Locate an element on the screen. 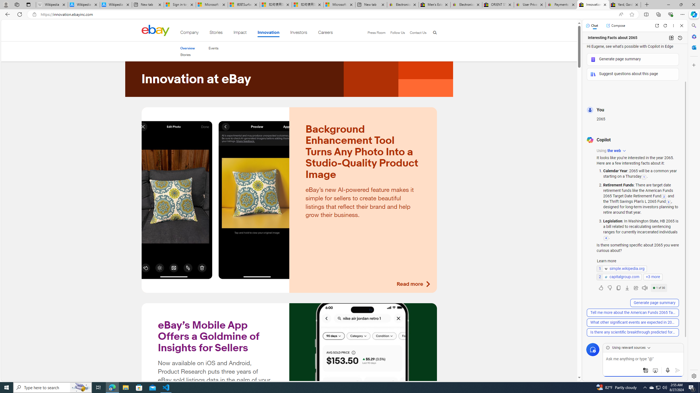  'Company' is located at coordinates (189, 33).